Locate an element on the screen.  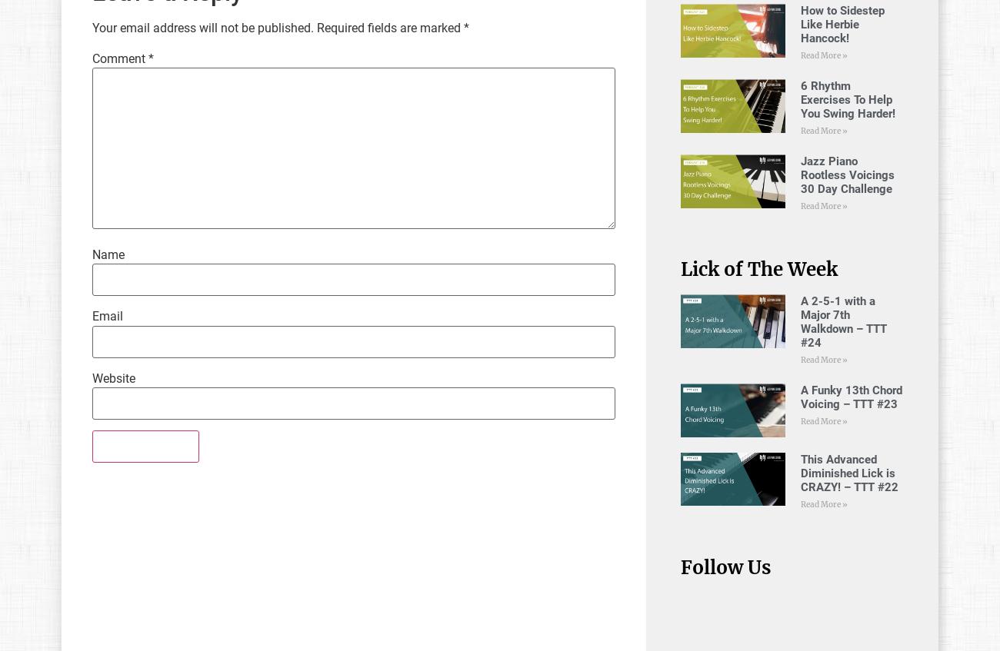
'This Advanced Diminished Lick is CRAZY! – TTT #22' is located at coordinates (848, 472).